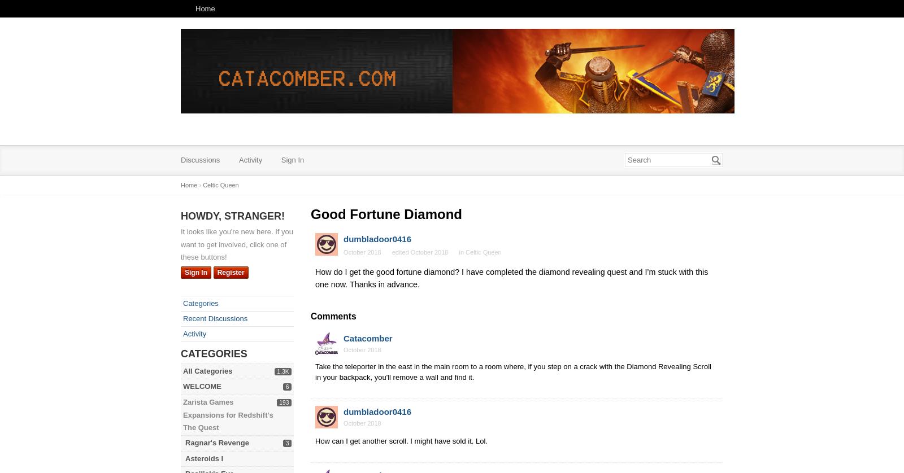  I want to click on 'All Categories', so click(207, 370).